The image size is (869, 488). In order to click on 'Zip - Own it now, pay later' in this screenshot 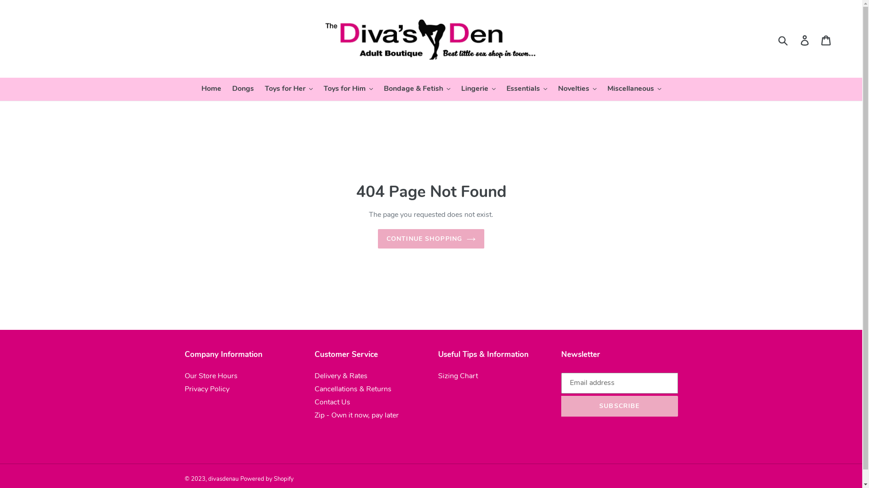, I will do `click(356, 416)`.